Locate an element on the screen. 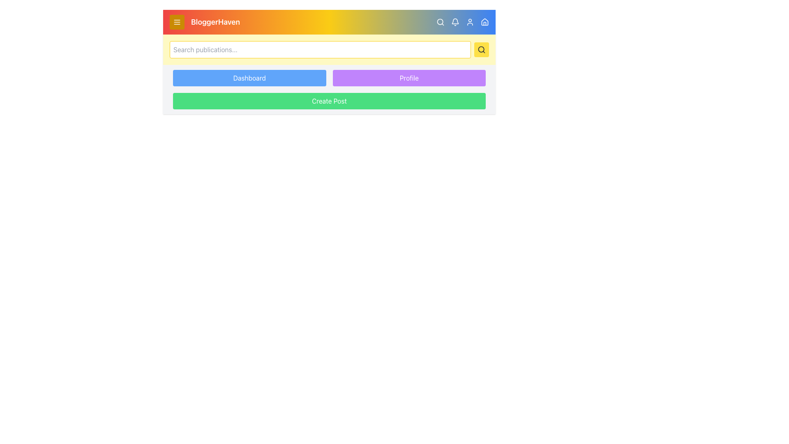 The height and width of the screenshot is (444, 789). the second button in the horizontal navigation group, which leads to the 'Profile' page, to observe the hover effect is located at coordinates (409, 78).